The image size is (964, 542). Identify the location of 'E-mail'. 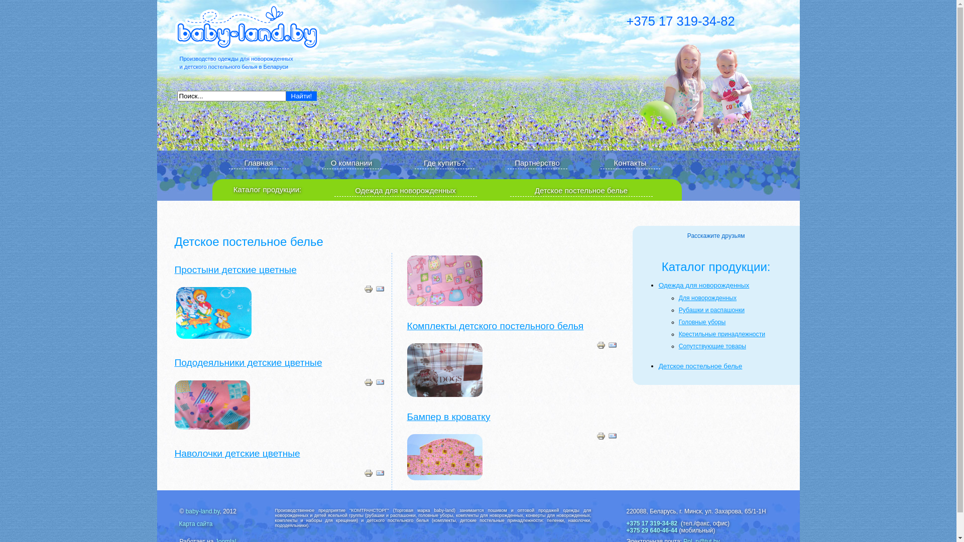
(612, 439).